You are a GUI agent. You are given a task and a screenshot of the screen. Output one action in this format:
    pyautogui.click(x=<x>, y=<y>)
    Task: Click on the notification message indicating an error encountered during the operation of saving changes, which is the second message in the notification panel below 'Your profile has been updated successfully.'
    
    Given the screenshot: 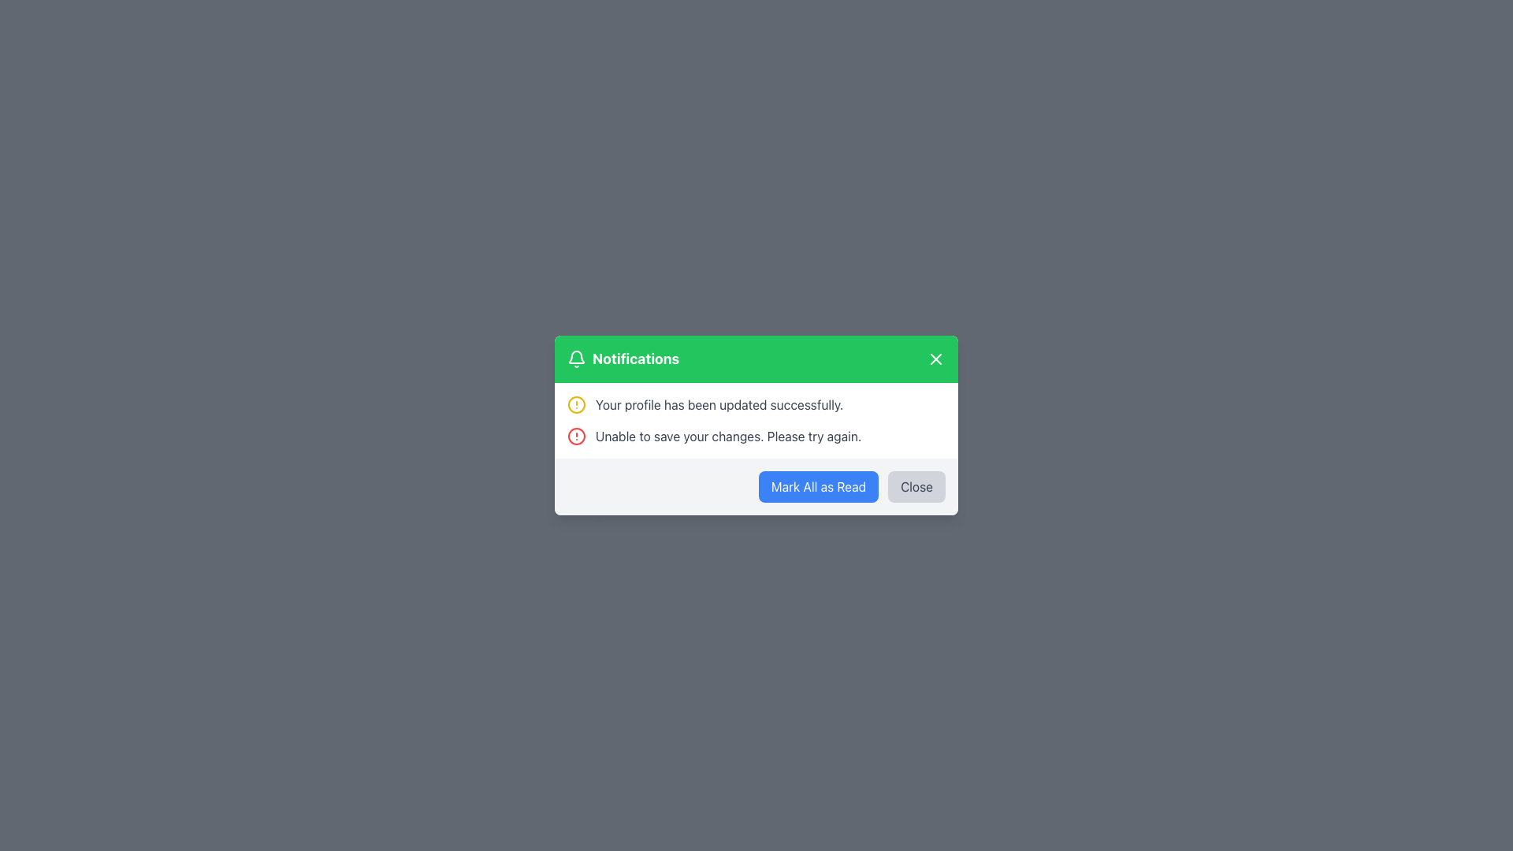 What is the action you would take?
    pyautogui.click(x=756, y=437)
    